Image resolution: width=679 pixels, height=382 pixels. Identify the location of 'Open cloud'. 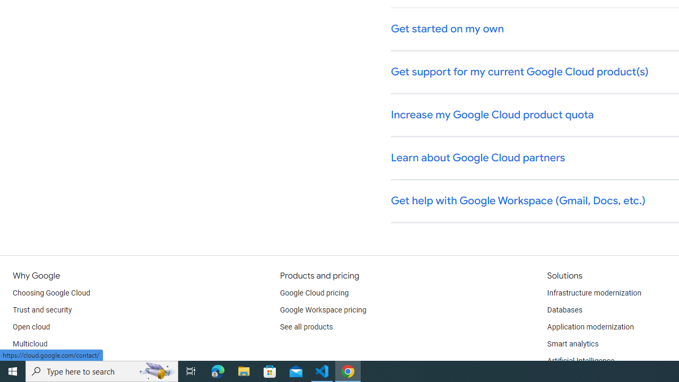
(31, 327).